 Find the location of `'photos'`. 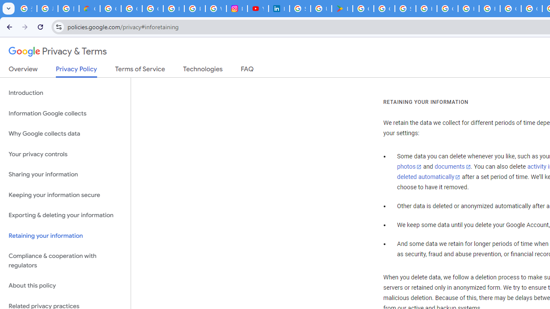

'photos' is located at coordinates (409, 167).